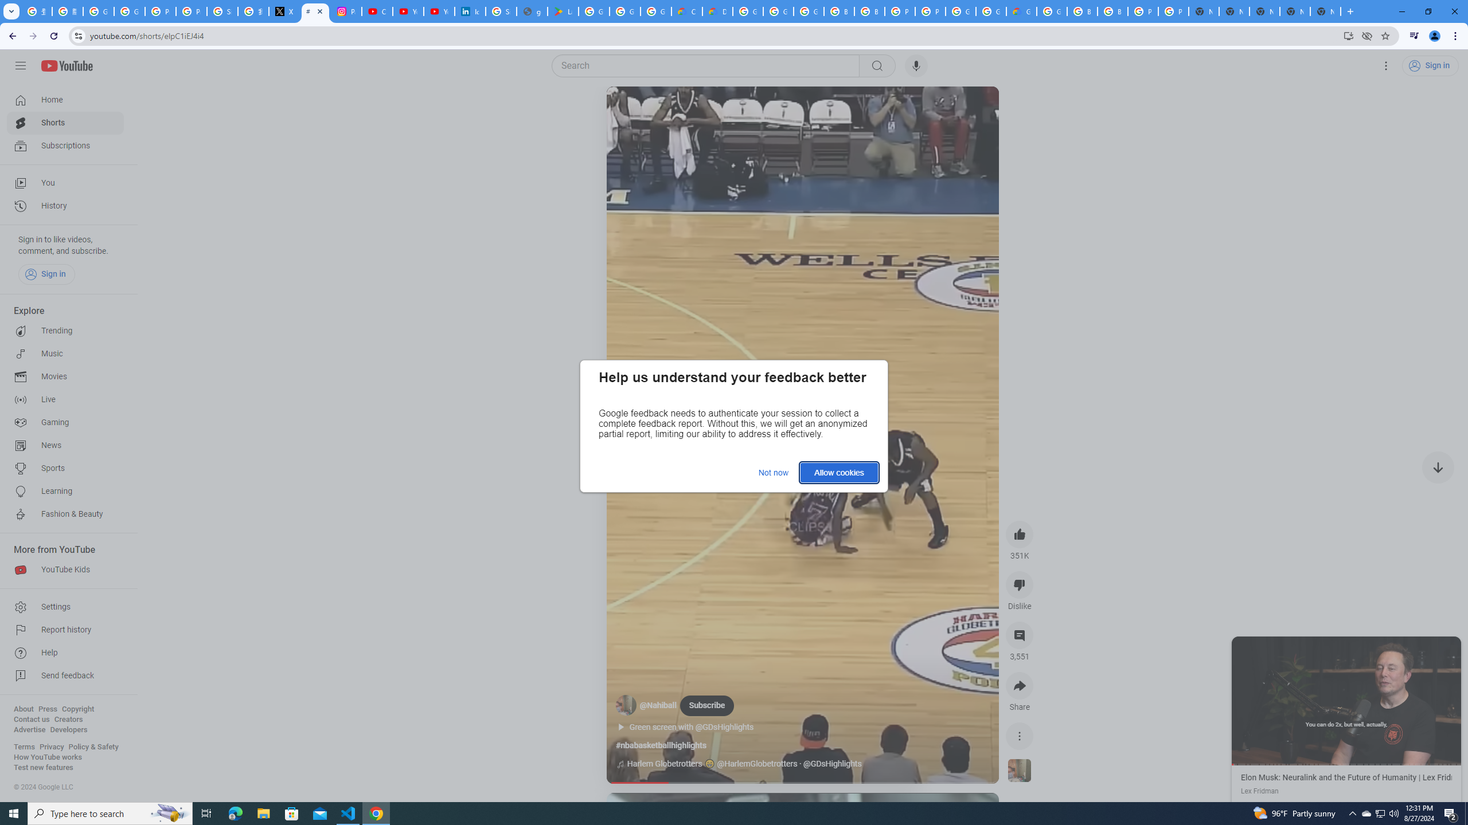  Describe the element at coordinates (1019, 534) in the screenshot. I see `'like this video along with 351K other people'` at that location.